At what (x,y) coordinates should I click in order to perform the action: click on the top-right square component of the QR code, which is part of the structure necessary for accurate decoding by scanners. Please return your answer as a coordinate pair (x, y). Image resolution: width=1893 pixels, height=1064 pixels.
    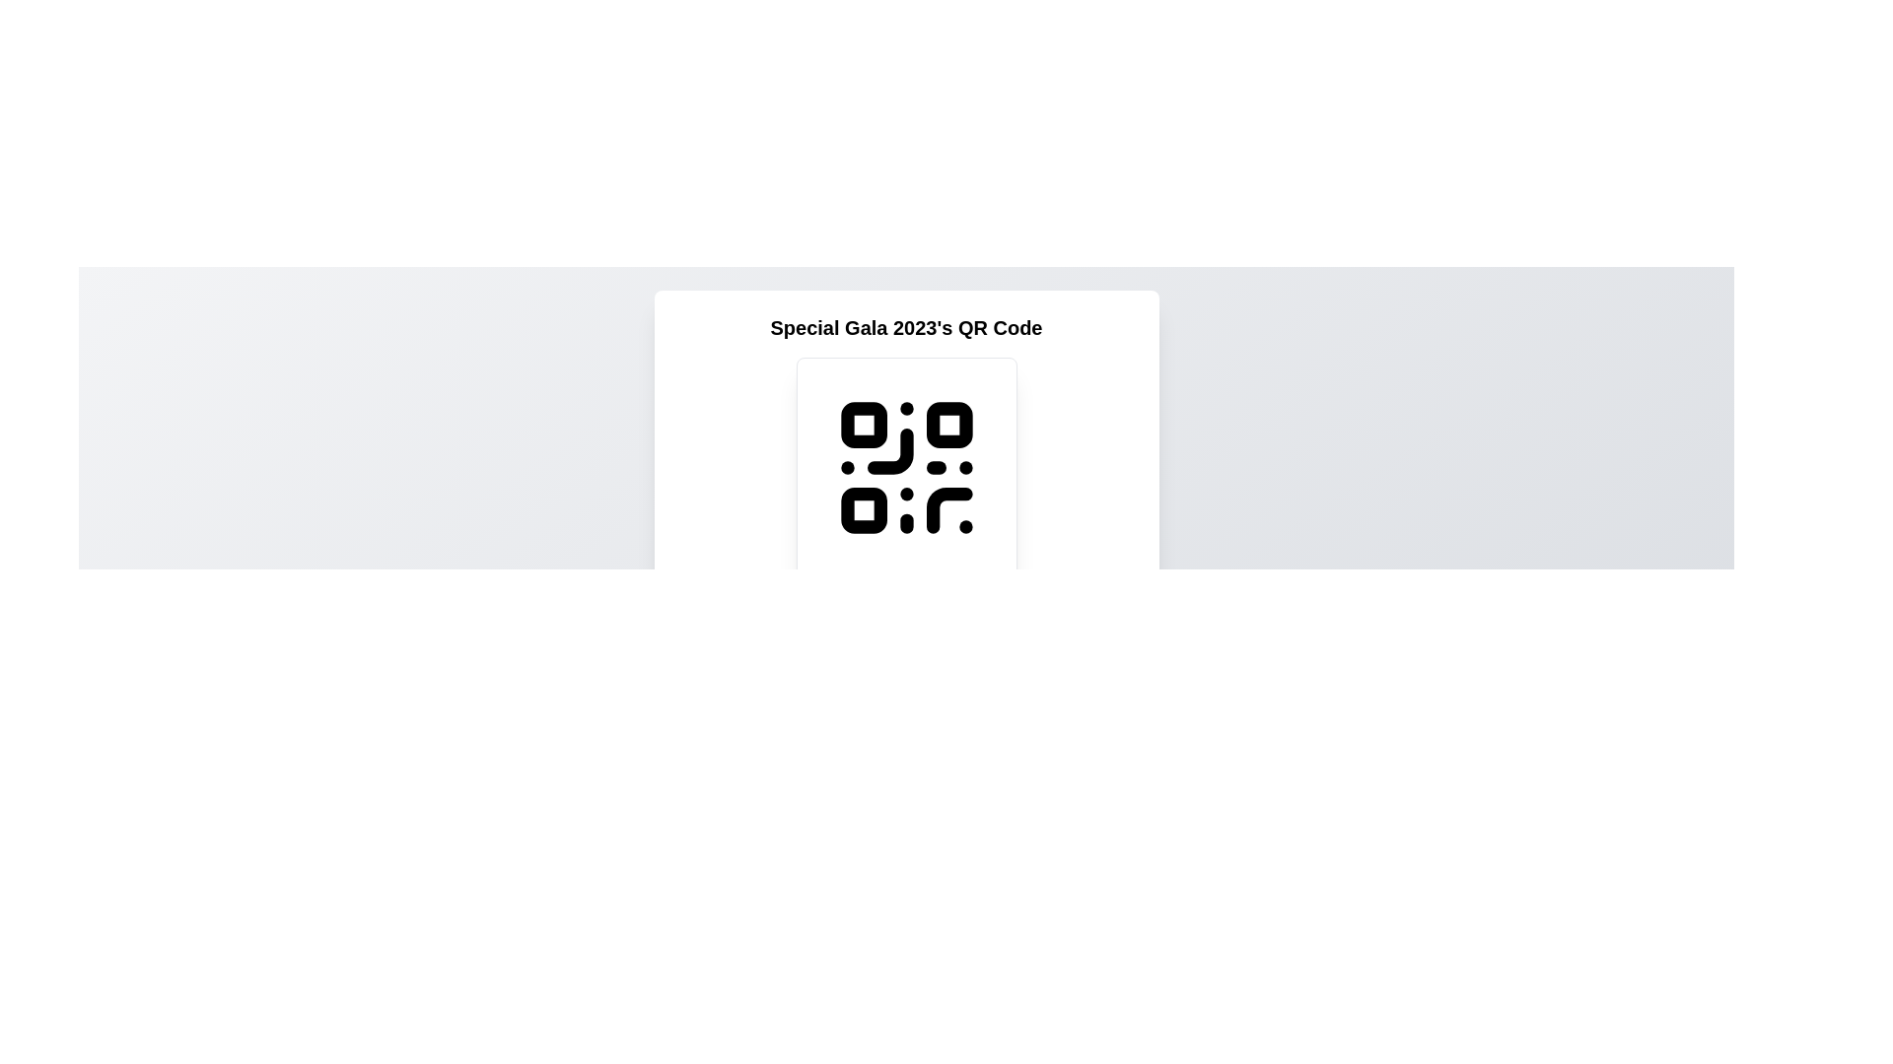
    Looking at the image, I should click on (948, 424).